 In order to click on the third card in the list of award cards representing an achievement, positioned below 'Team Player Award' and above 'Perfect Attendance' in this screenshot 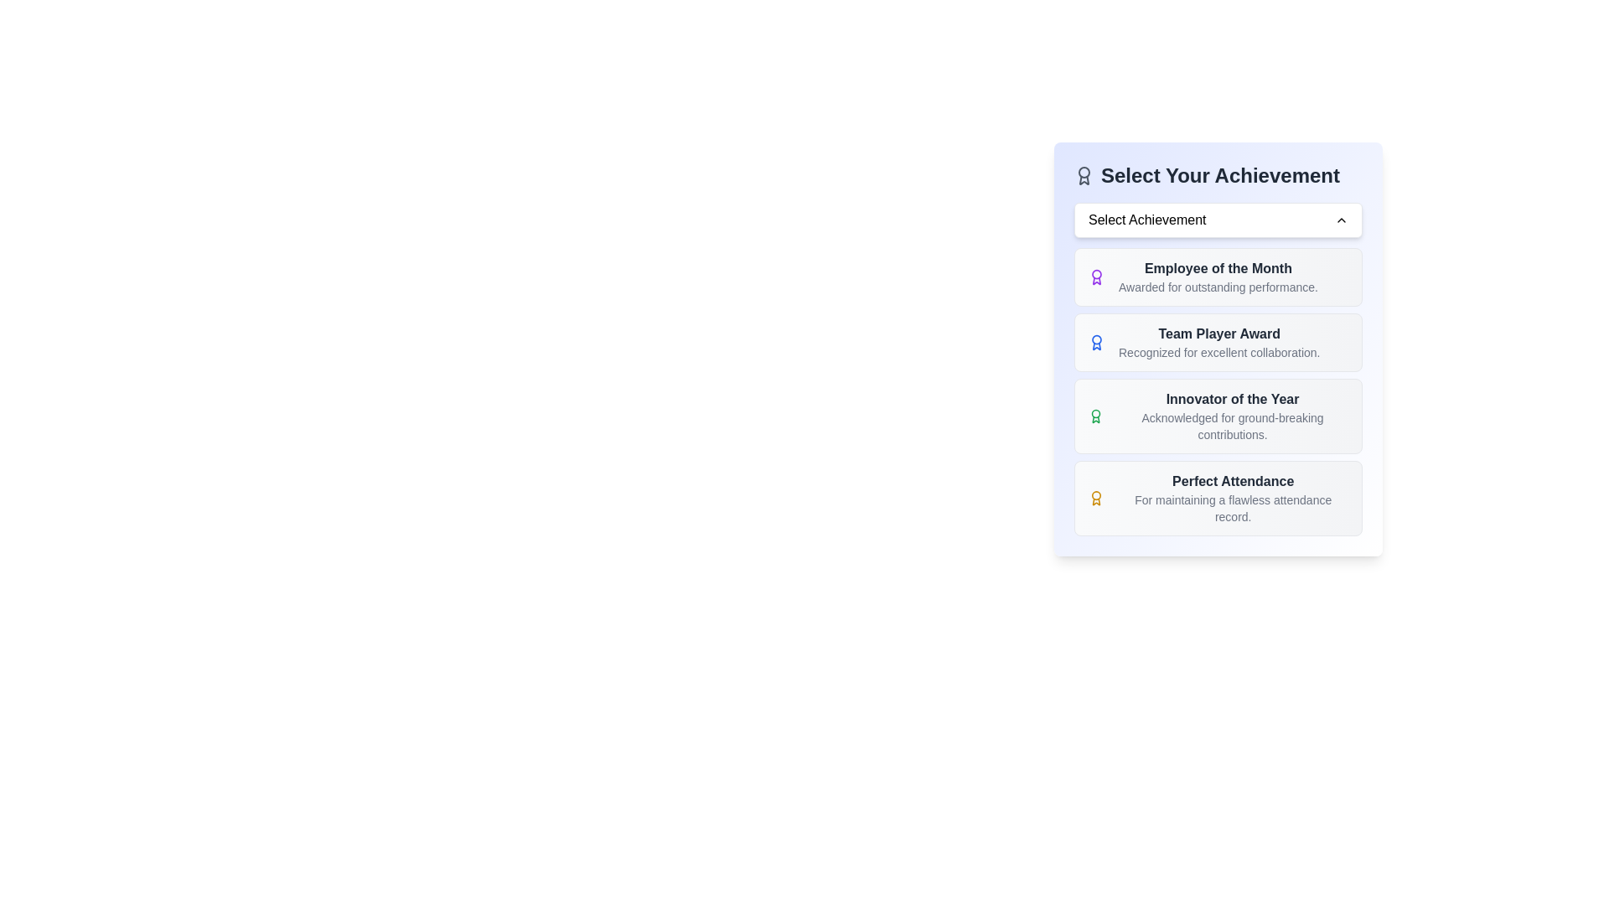, I will do `click(1218, 391)`.